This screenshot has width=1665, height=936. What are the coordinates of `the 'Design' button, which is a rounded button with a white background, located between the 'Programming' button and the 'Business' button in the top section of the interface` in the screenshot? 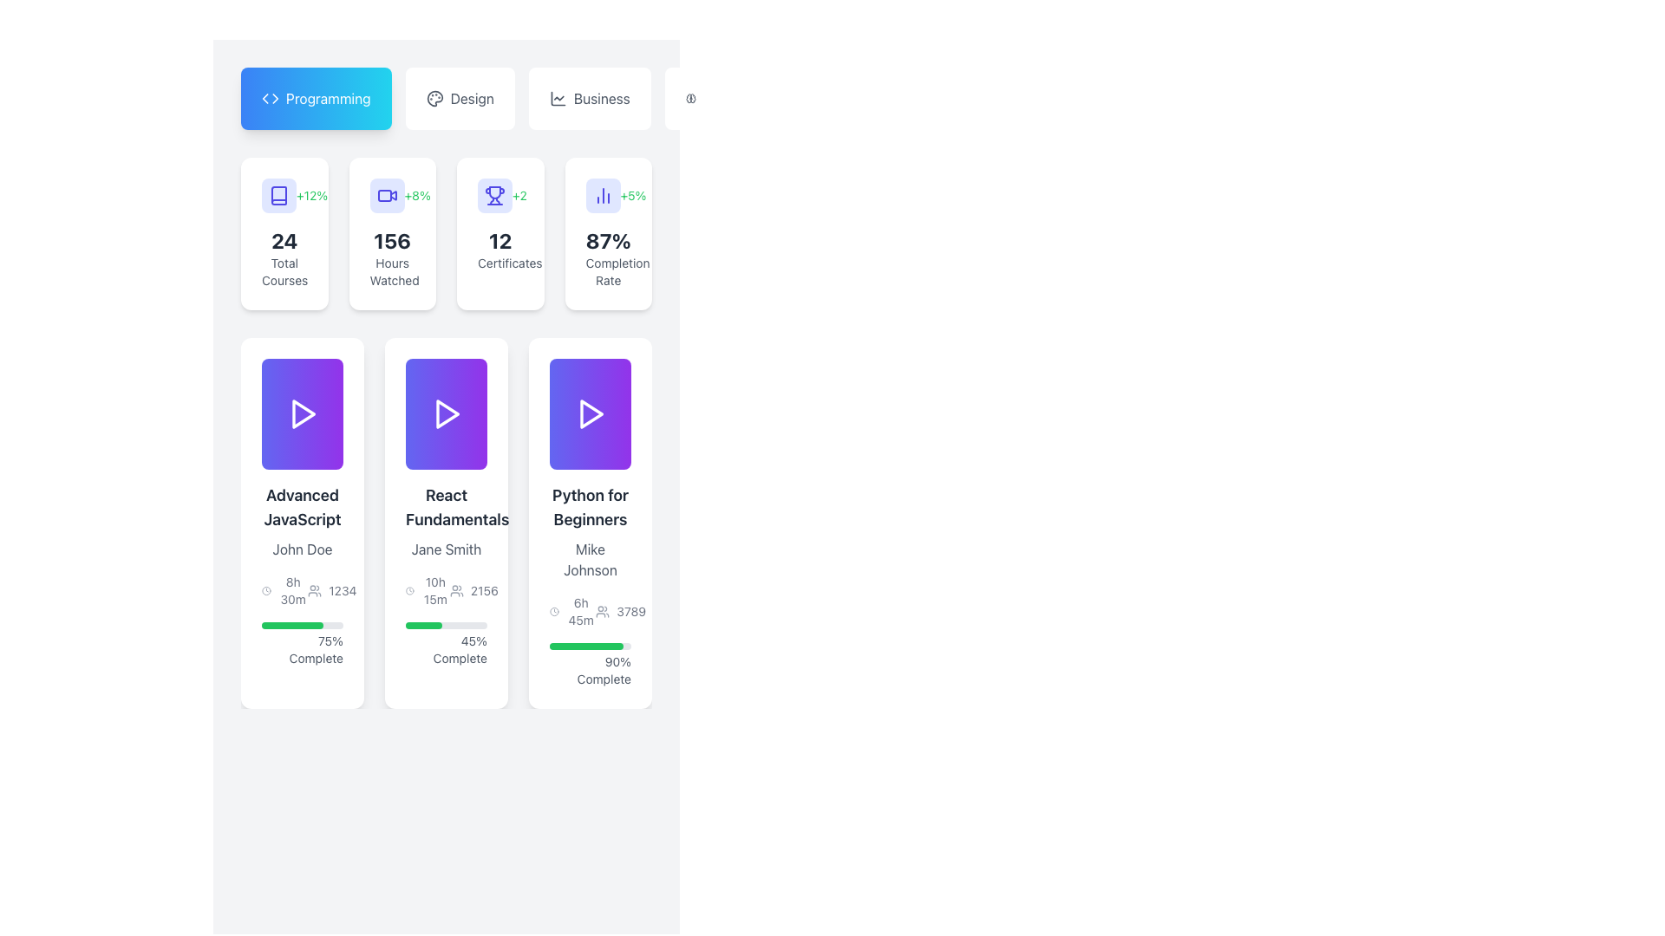 It's located at (460, 99).